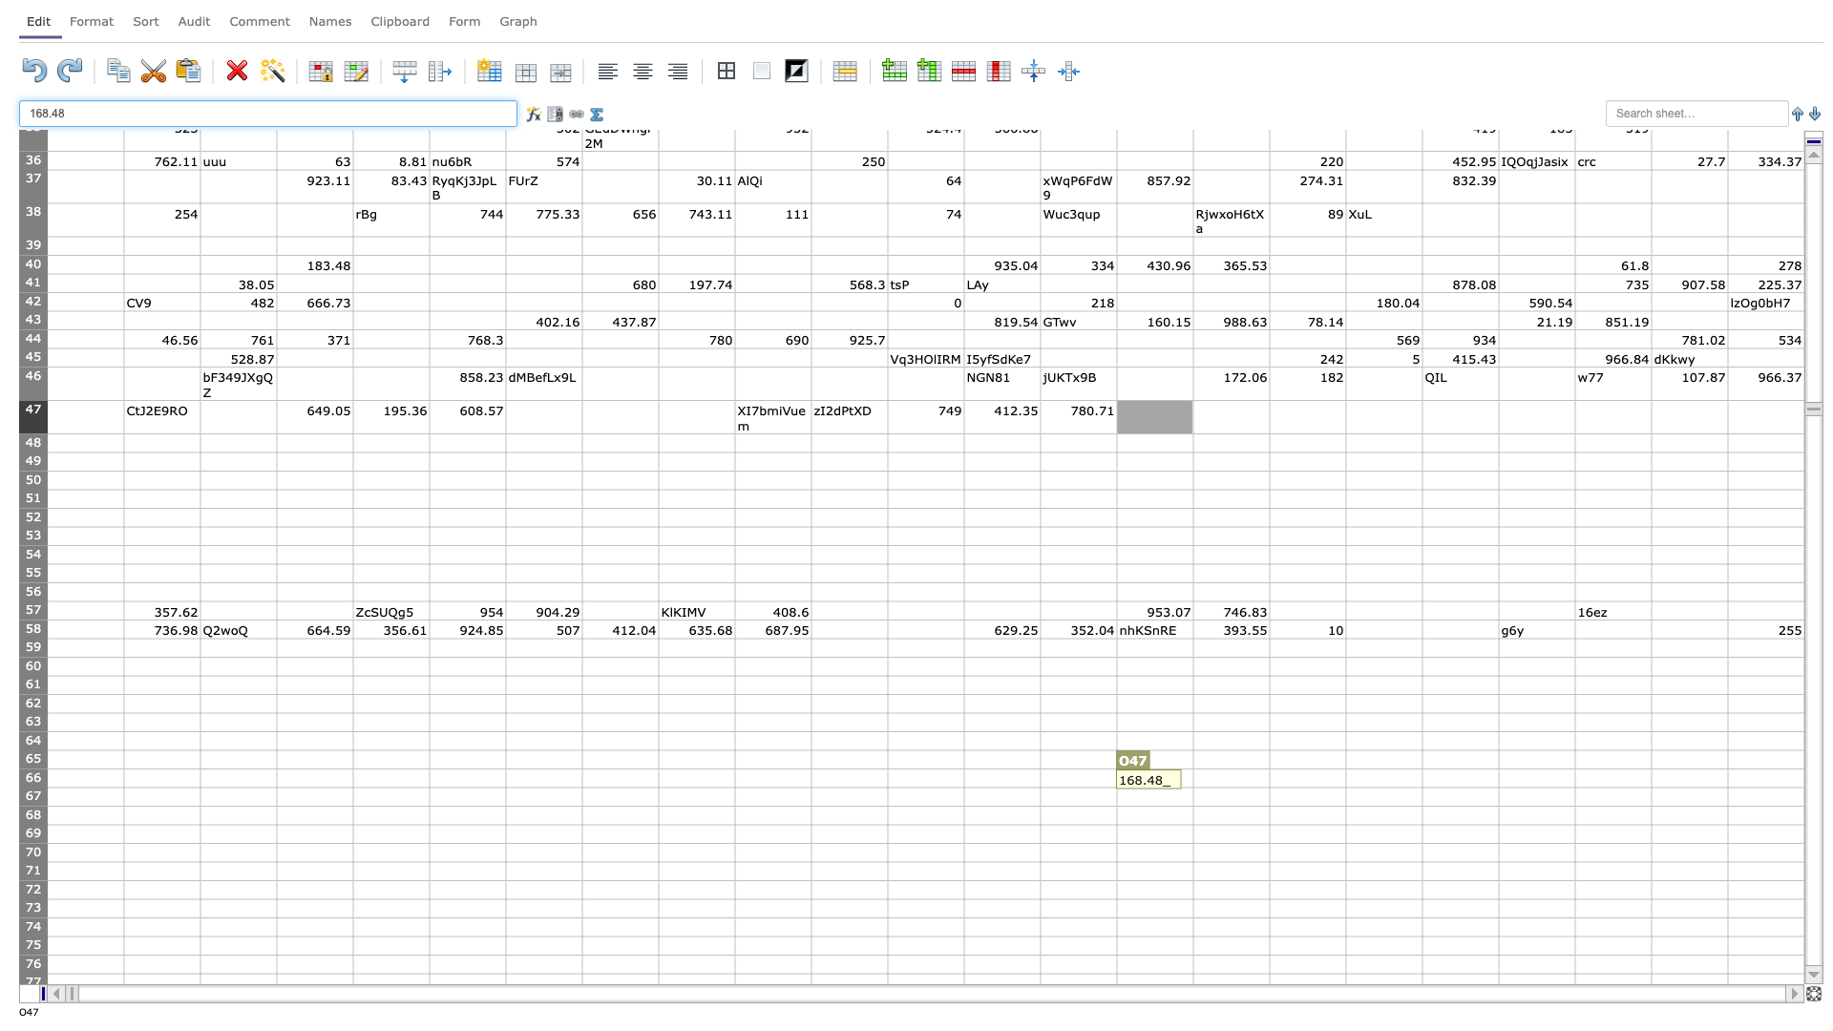 The width and height of the screenshot is (1833, 1031). What do you see at coordinates (1422, 806) in the screenshot?
I see `Series fill point of cell R67` at bounding box center [1422, 806].